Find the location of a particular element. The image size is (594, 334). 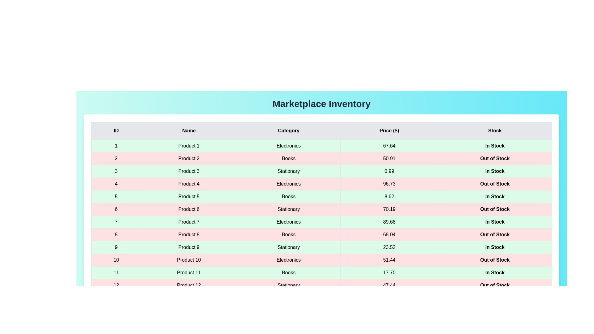

the cell containing the text 'Books' to select it is located at coordinates (288, 158).